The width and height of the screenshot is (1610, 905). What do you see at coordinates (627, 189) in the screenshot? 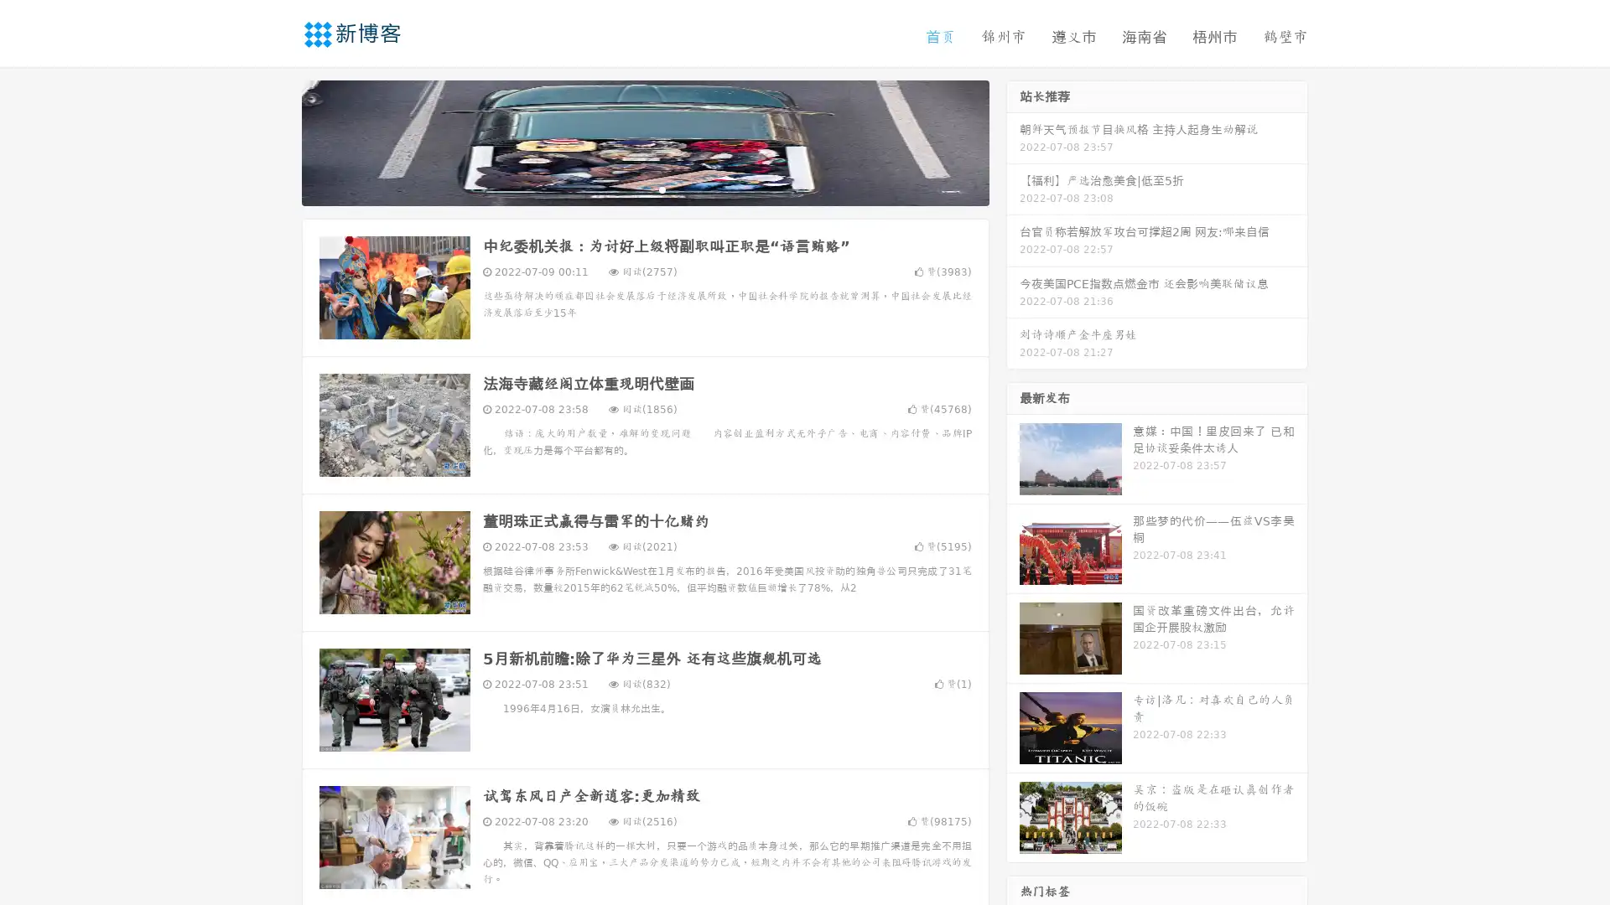
I see `Go to slide 1` at bounding box center [627, 189].